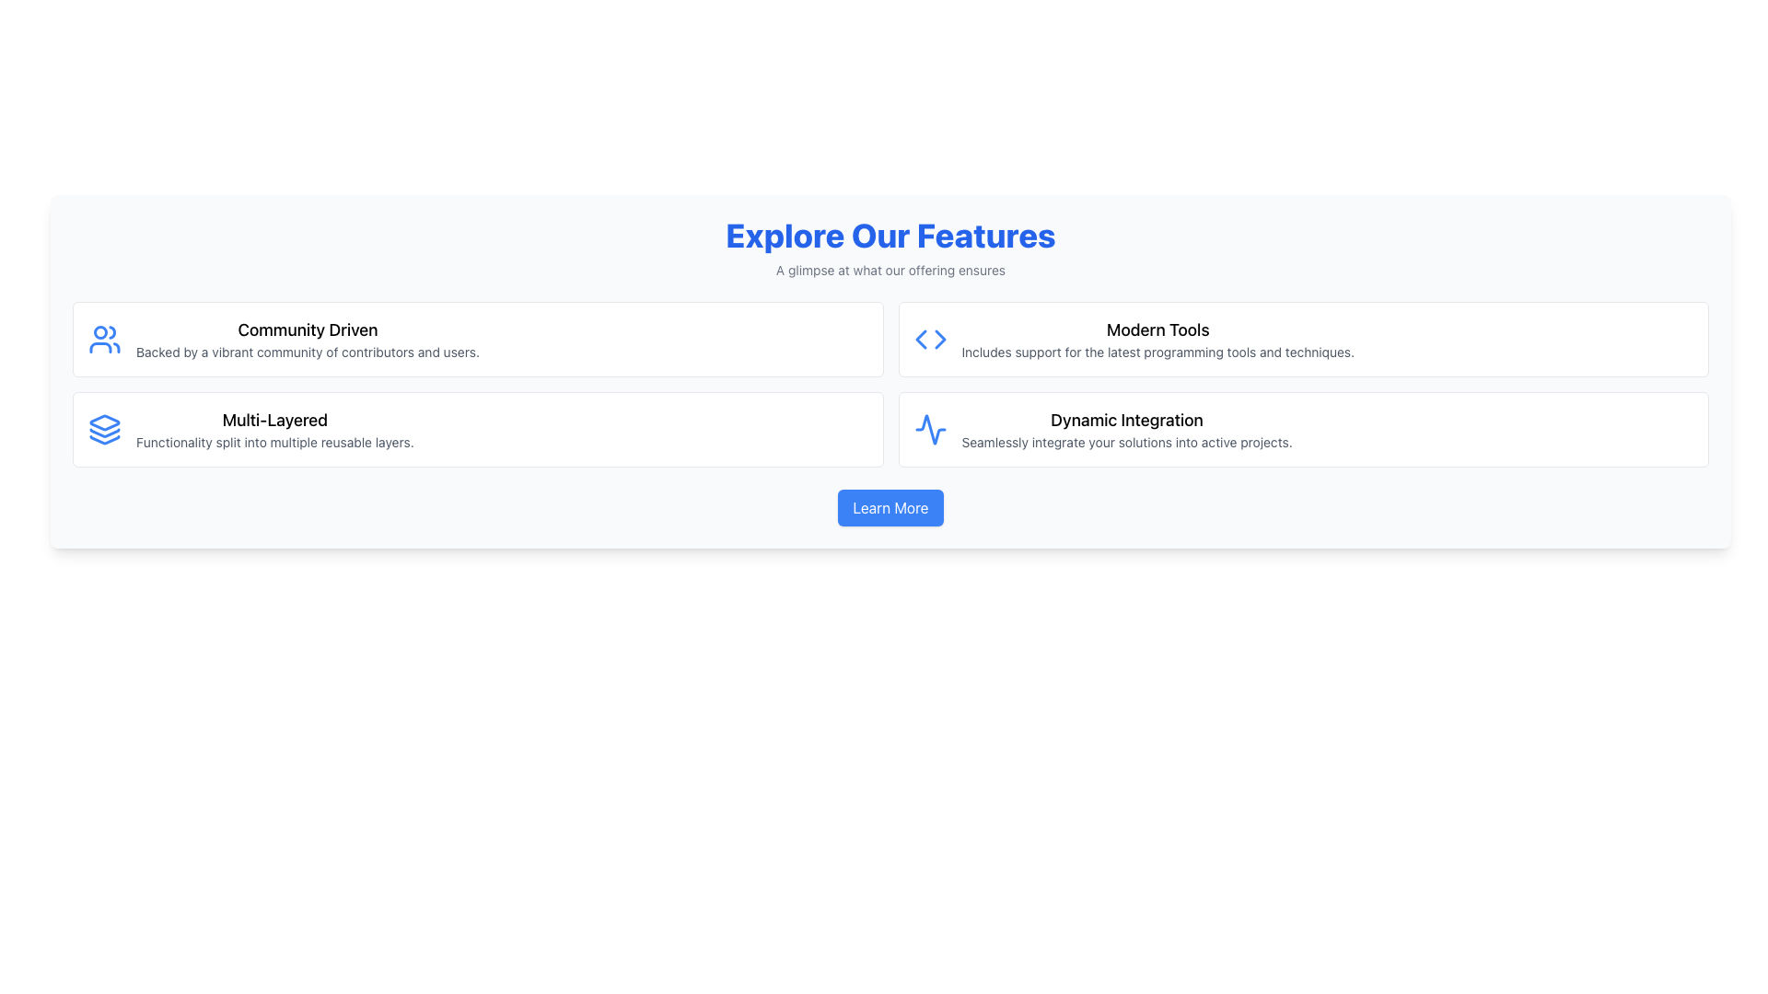 The width and height of the screenshot is (1768, 994). I want to click on the Informational Card located at the top-right of the grid layout to observe the scaling effect, so click(1302, 340).